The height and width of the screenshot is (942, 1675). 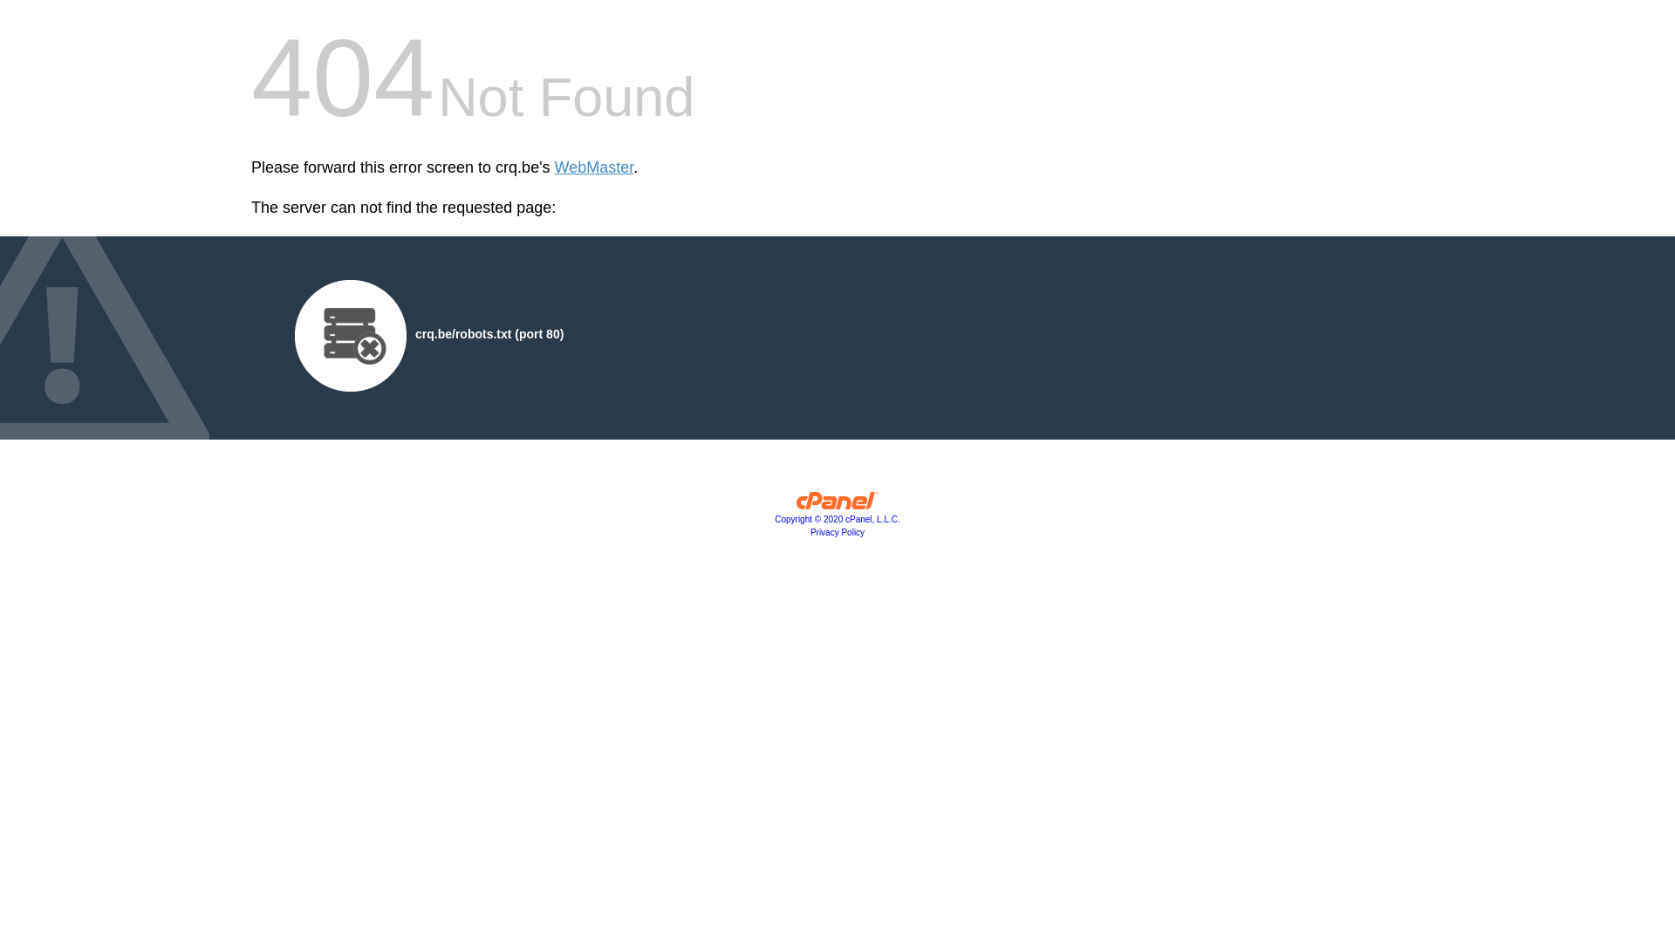 I want to click on 'WebMaster', so click(x=594, y=167).